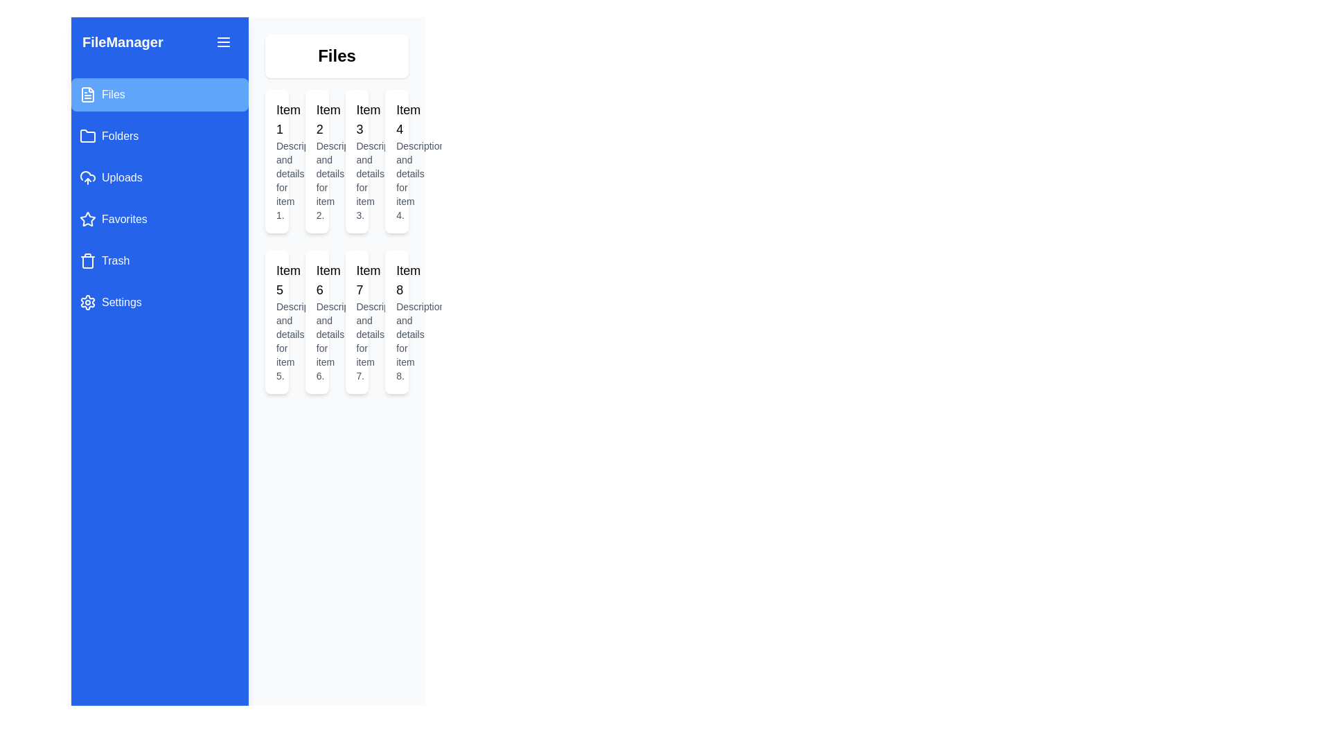  What do you see at coordinates (87, 218) in the screenshot?
I see `the blue star-shaped icon with a white outline representing the favorite feature located next to the text 'Favorites' in the vertical navigation menu` at bounding box center [87, 218].